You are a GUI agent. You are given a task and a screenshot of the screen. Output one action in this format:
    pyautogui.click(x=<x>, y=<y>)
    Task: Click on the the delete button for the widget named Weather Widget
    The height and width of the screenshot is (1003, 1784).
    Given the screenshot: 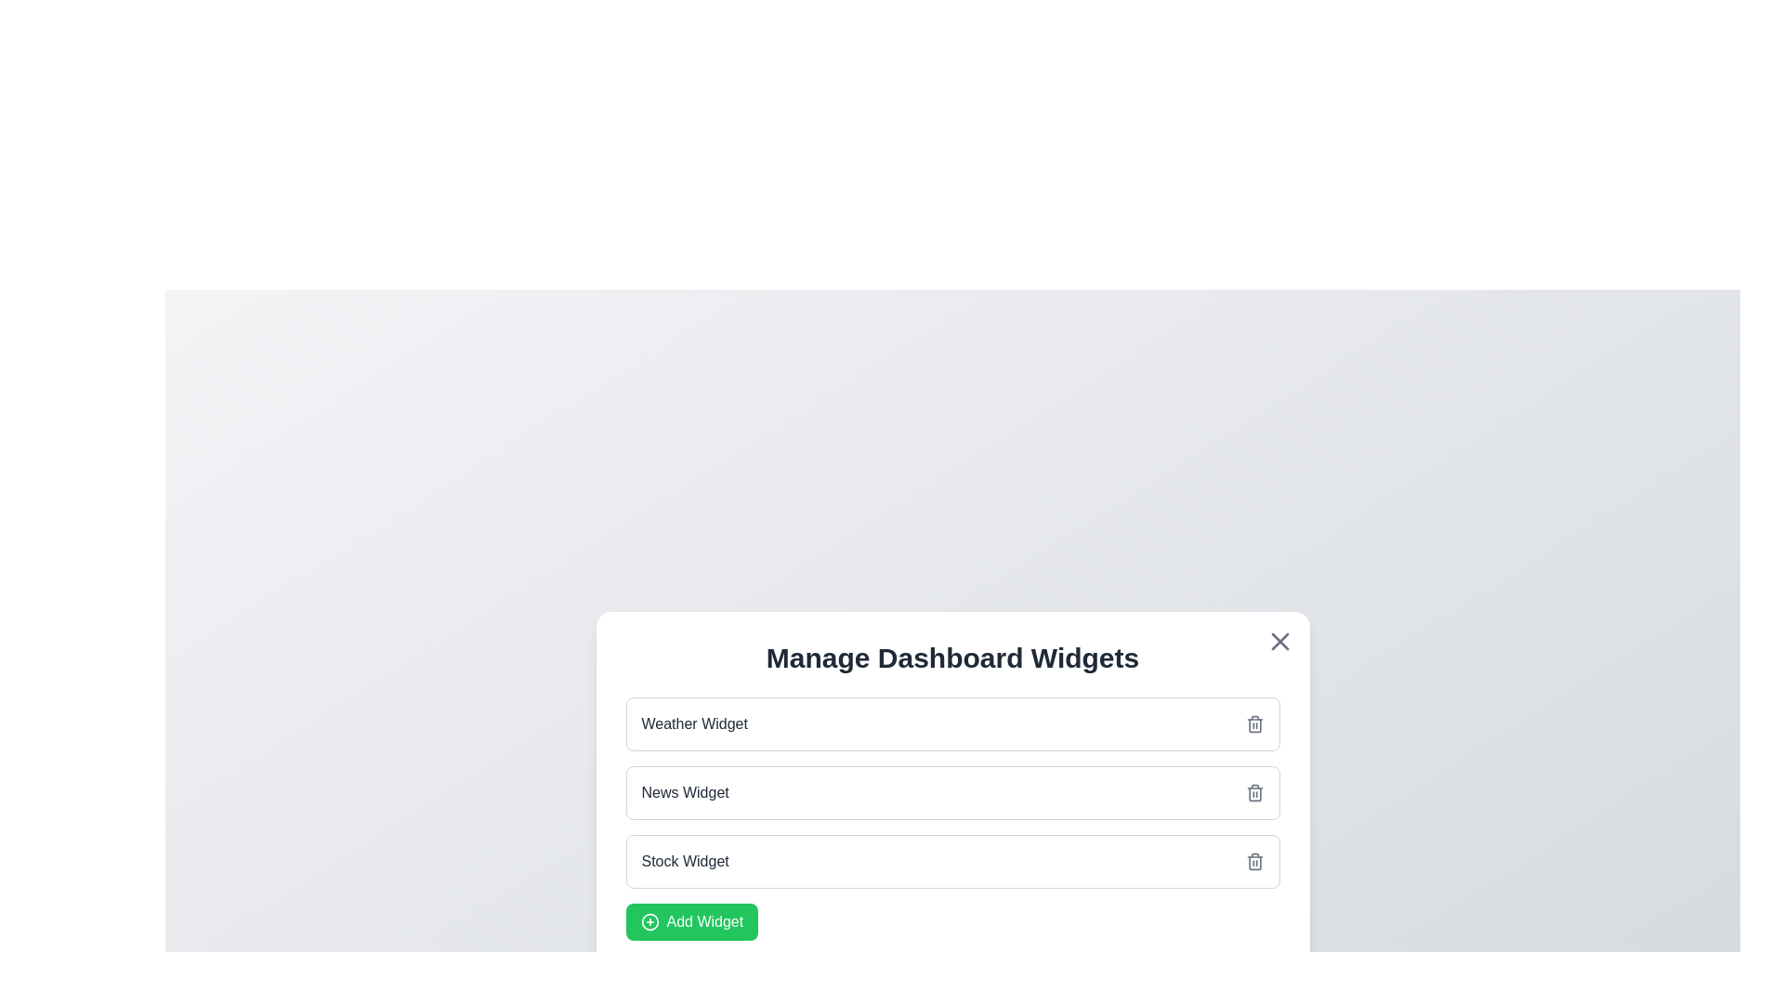 What is the action you would take?
    pyautogui.click(x=1254, y=723)
    